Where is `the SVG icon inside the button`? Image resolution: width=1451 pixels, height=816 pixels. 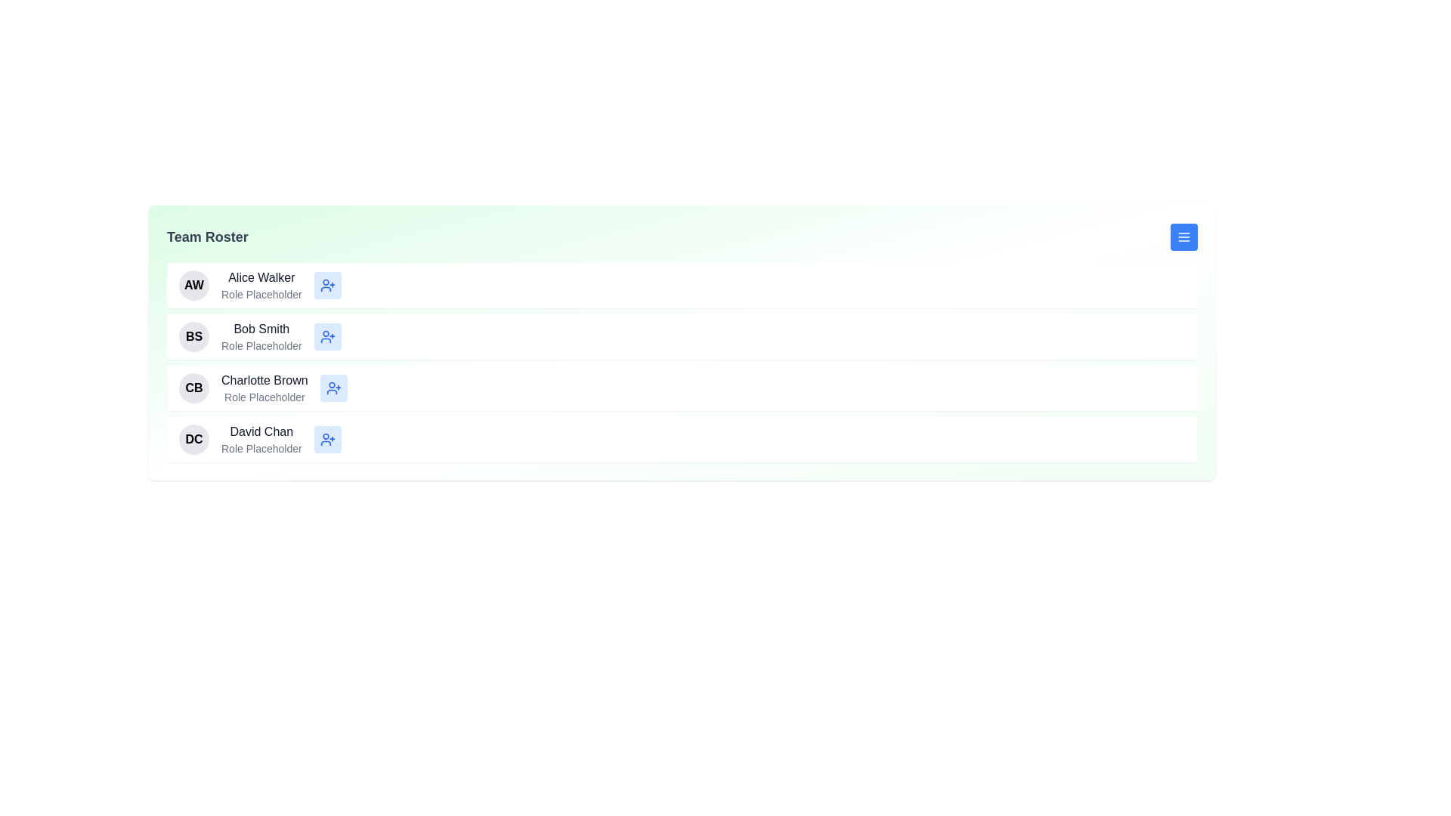 the SVG icon inside the button is located at coordinates (326, 336).